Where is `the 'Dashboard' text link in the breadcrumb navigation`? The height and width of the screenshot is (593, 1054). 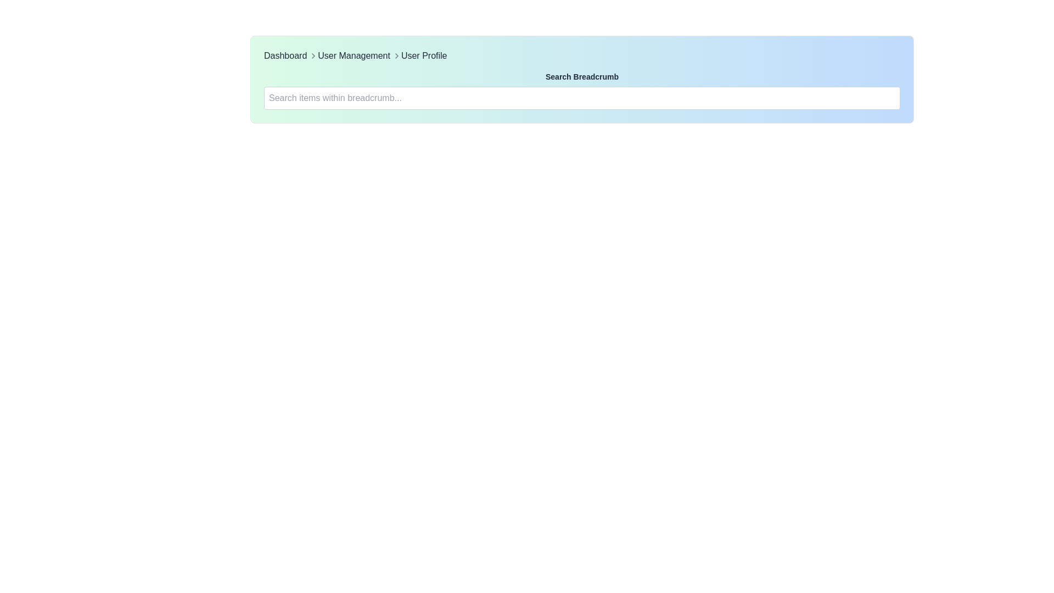
the 'Dashboard' text link in the breadcrumb navigation is located at coordinates (291, 55).